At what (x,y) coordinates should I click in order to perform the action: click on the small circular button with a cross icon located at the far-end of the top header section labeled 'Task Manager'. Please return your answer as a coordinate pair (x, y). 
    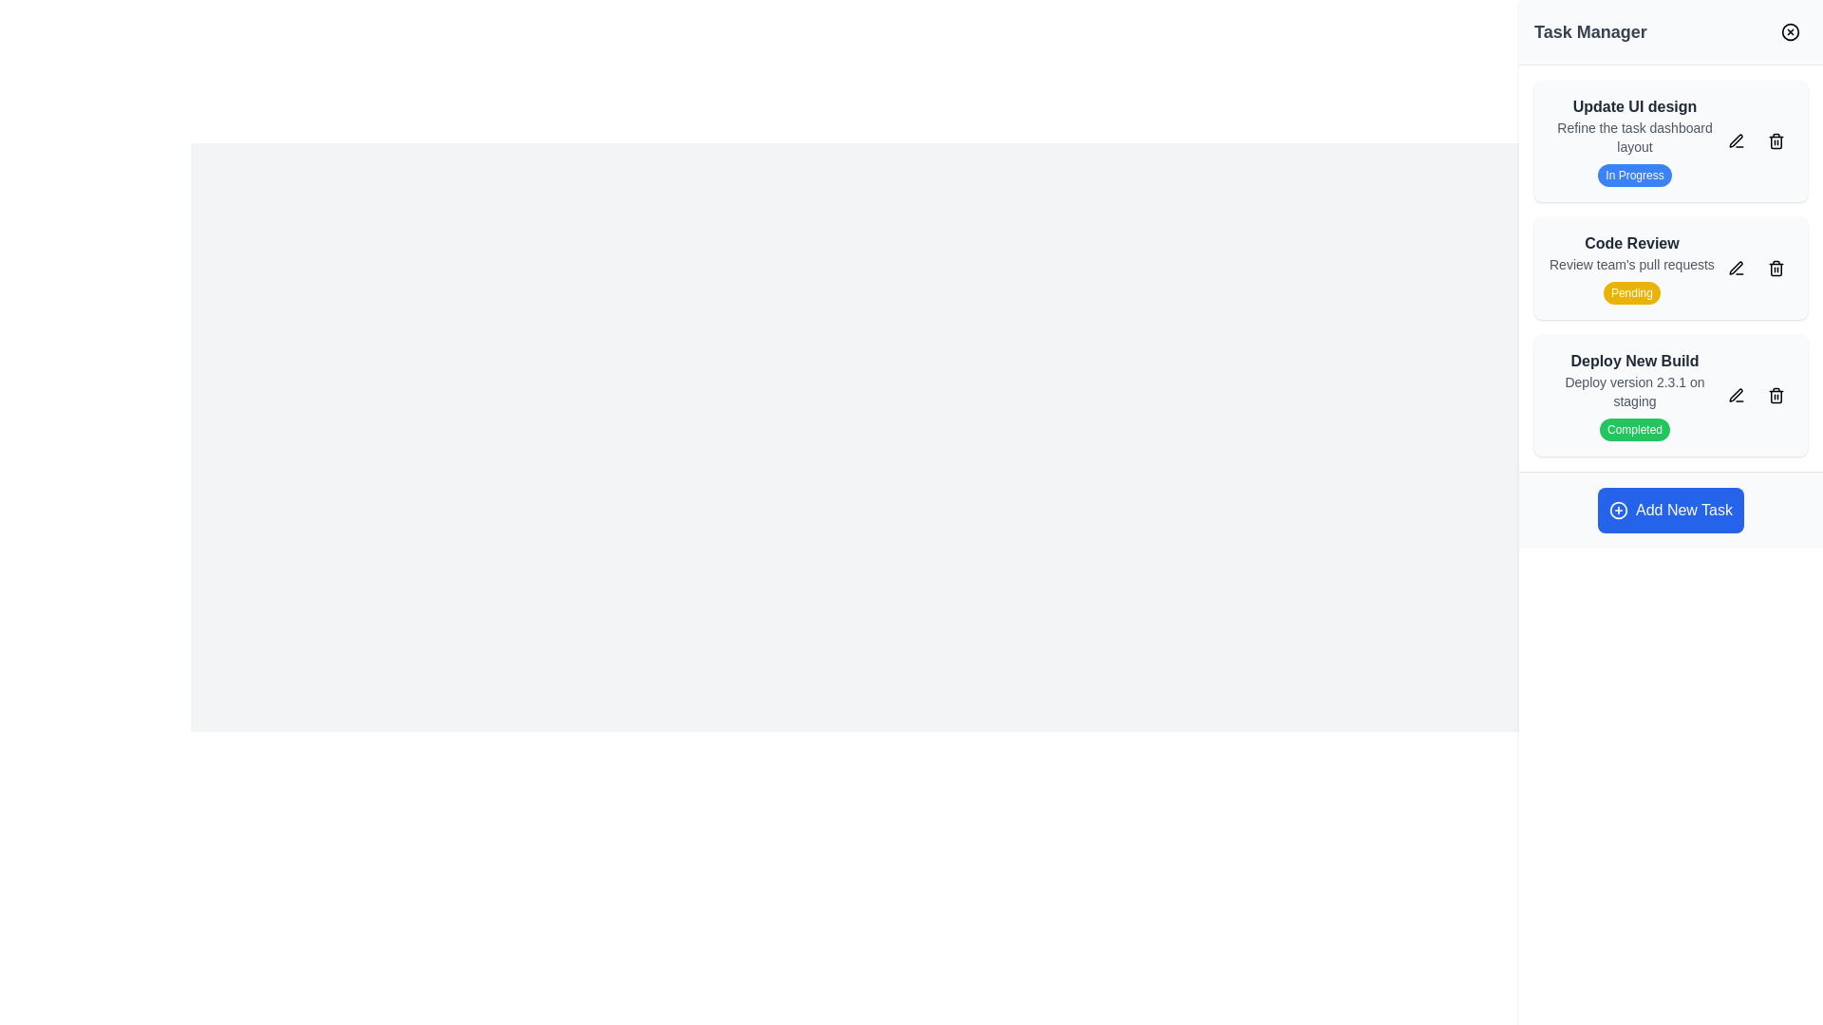
    Looking at the image, I should click on (1790, 32).